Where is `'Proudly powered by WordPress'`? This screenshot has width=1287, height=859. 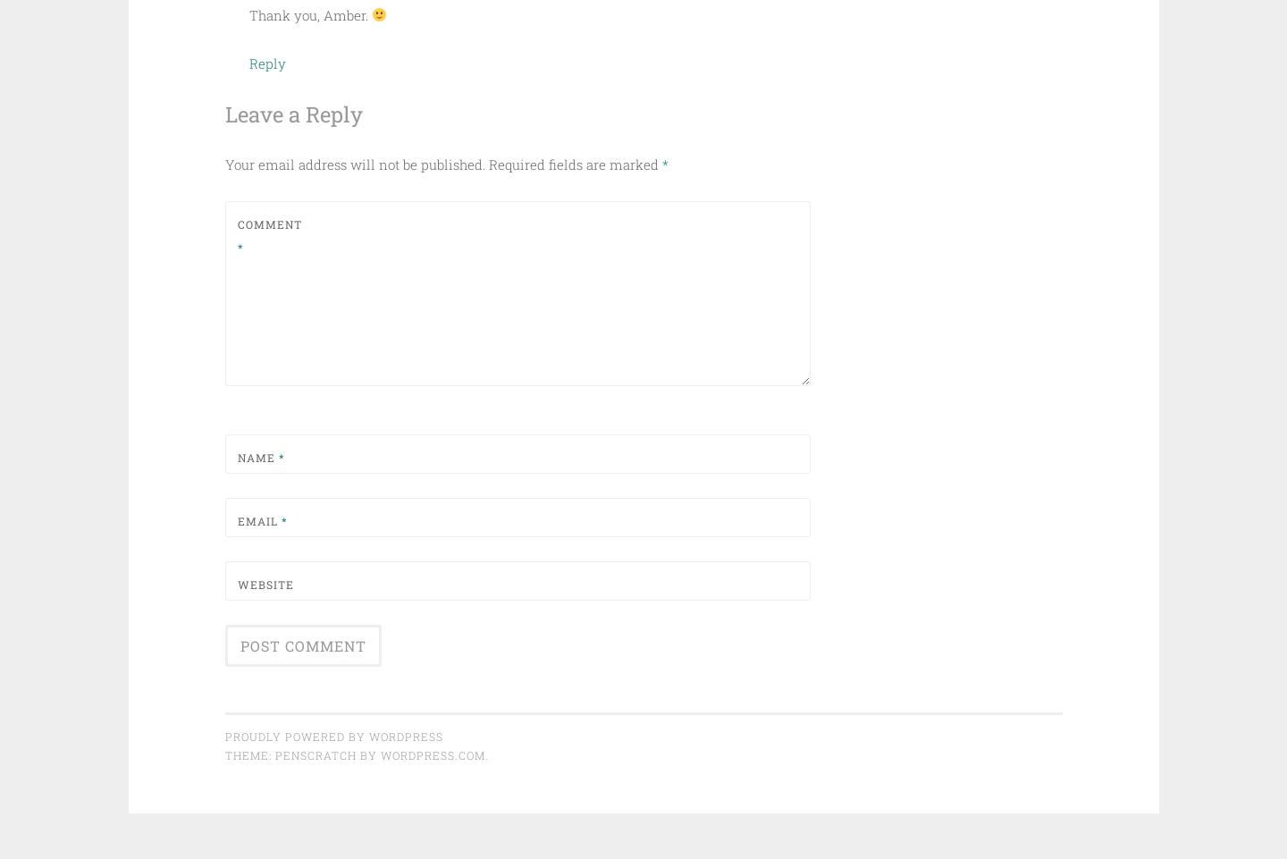 'Proudly powered by WordPress' is located at coordinates (332, 736).